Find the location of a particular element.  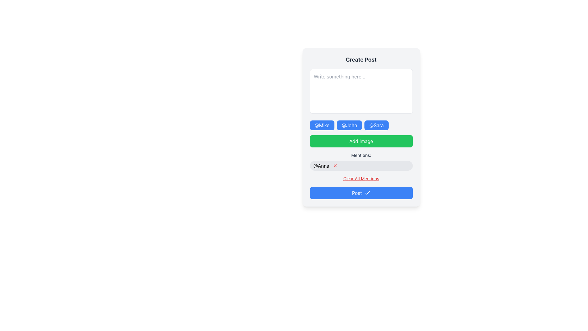

on the mention tag for user Anna located in the 'Mentions' section, just below the 'Add Image' button and is located at coordinates (361, 165).